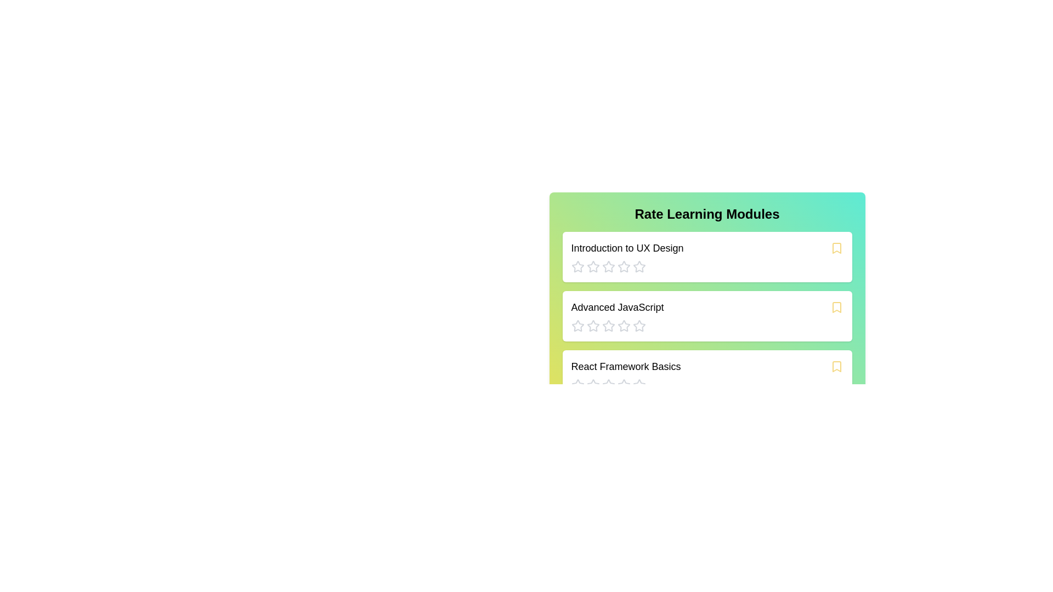 The width and height of the screenshot is (1053, 592). Describe the element at coordinates (707, 257) in the screenshot. I see `the module card titled 'Introduction to UX Design' to explore its content` at that location.